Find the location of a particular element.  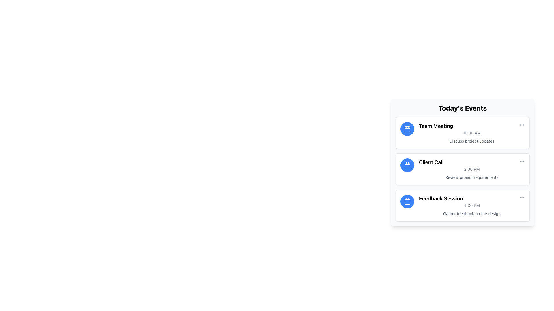

the Ellipsis menu button located at the right edge of the 'Team Meeting' event card, aligned with the event title is located at coordinates (522, 125).